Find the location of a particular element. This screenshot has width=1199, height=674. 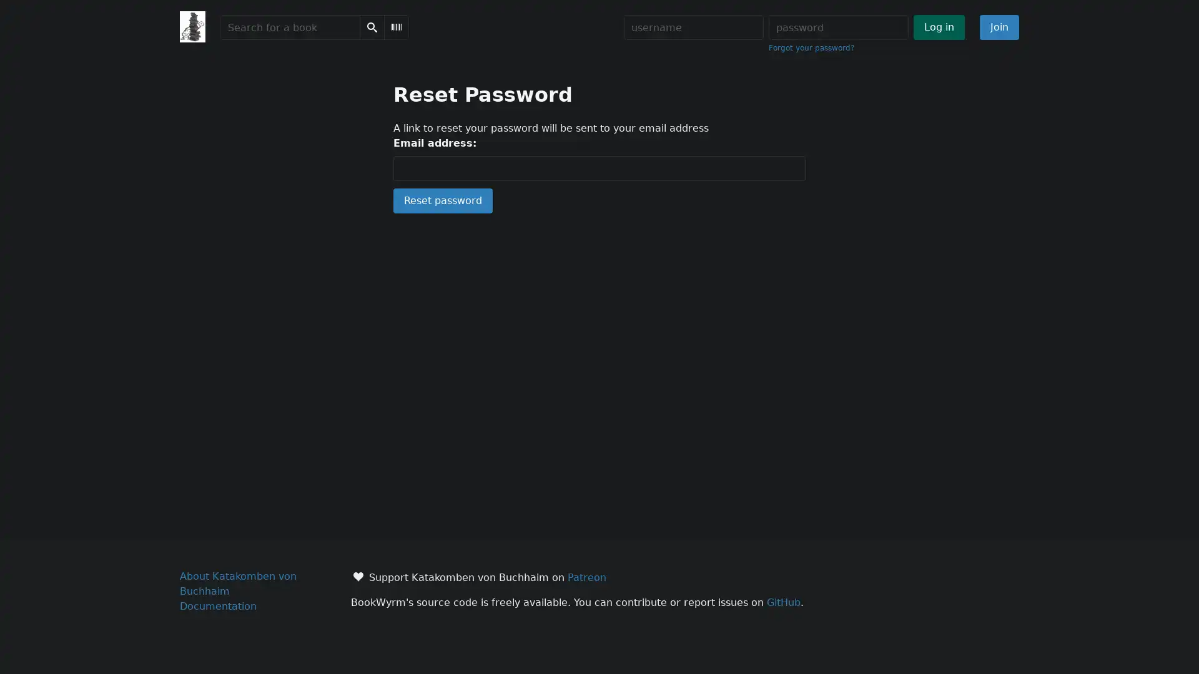

Scan Barcode is located at coordinates (395, 27).